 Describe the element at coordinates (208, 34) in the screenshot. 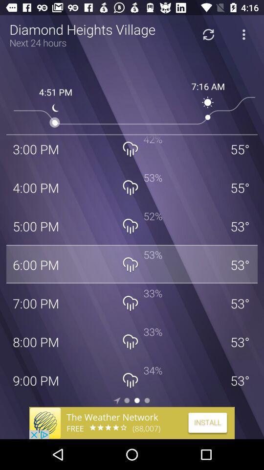

I see `refresh` at that location.